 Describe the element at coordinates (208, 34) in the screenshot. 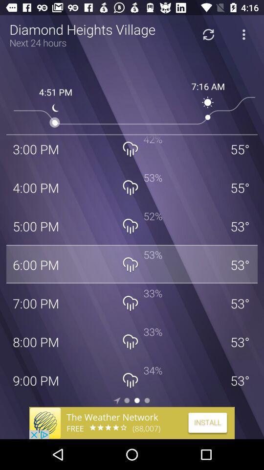

I see `refresh` at that location.